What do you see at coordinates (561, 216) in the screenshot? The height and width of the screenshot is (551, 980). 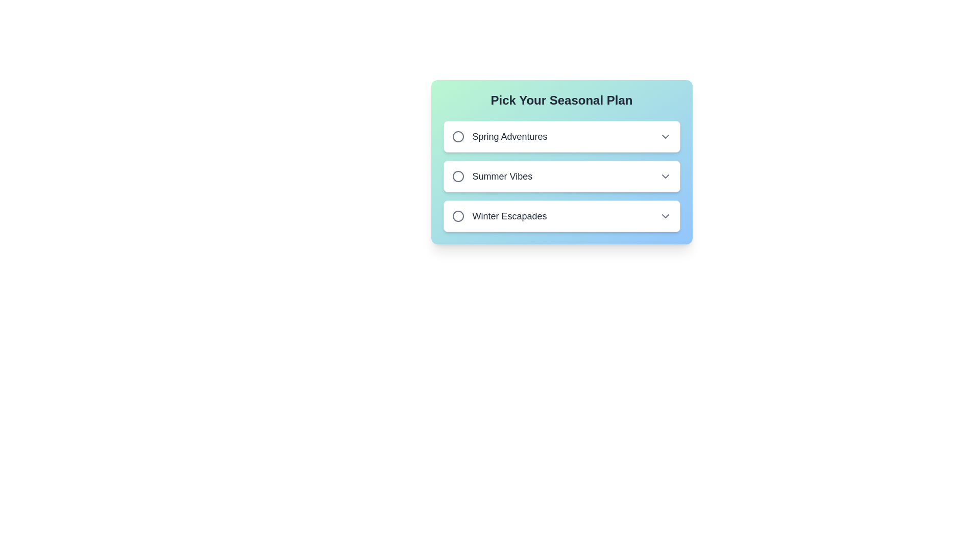 I see `the interactive selectable list item at the bottom of the options` at bounding box center [561, 216].